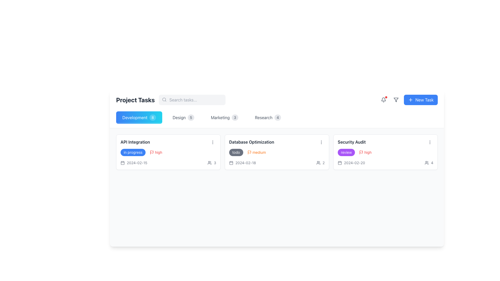 This screenshot has height=281, width=500. Describe the element at coordinates (430, 142) in the screenshot. I see `the menu trigger button located in the top-right corner of the 'Security Audit' card` at that location.